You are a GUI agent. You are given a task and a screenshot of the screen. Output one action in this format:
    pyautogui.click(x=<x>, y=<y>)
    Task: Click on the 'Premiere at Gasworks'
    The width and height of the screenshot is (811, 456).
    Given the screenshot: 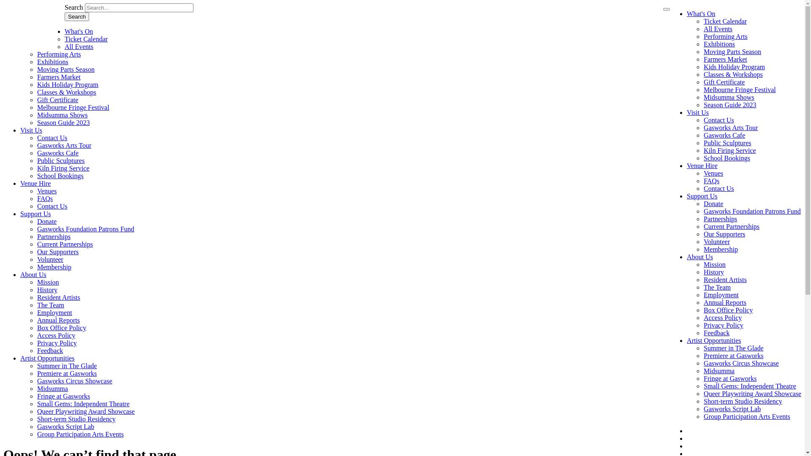 What is the action you would take?
    pyautogui.click(x=36, y=373)
    